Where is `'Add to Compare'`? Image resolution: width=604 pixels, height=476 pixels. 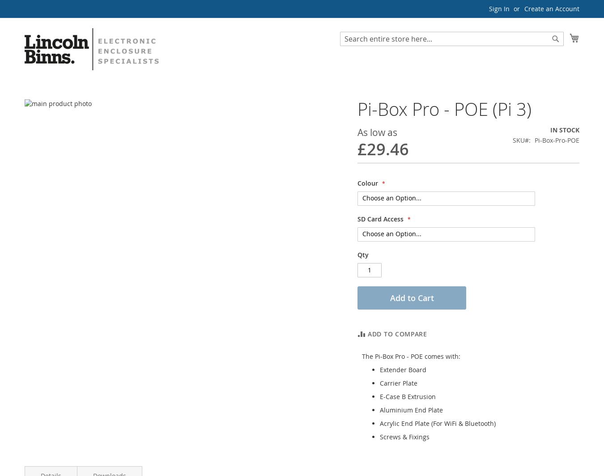
'Add to Compare' is located at coordinates (397, 333).